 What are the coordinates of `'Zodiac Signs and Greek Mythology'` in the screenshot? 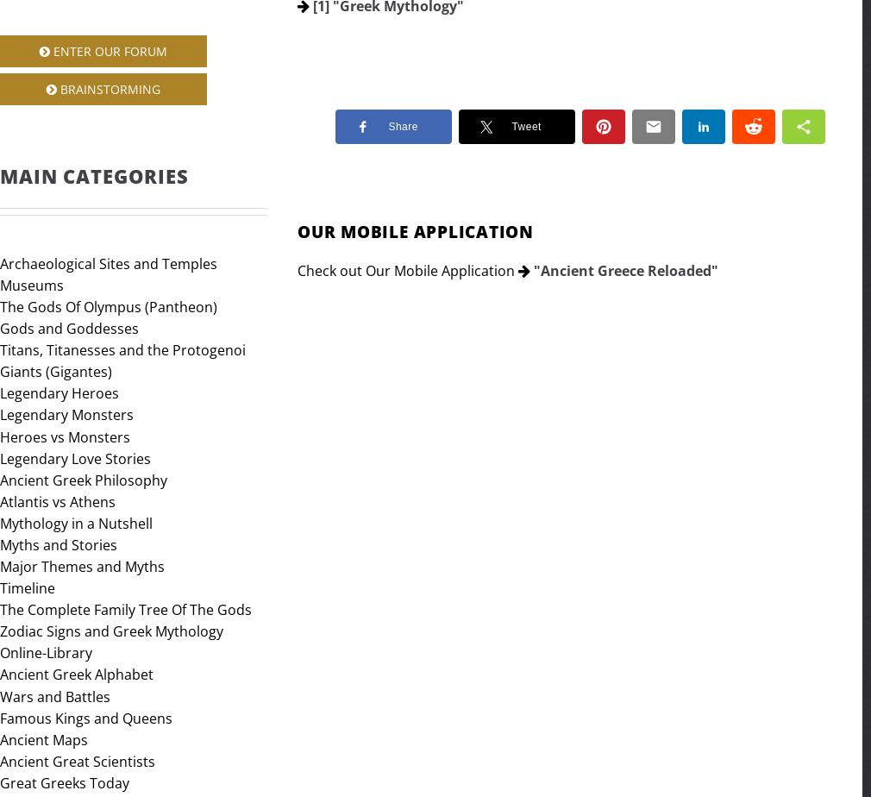 It's located at (110, 631).